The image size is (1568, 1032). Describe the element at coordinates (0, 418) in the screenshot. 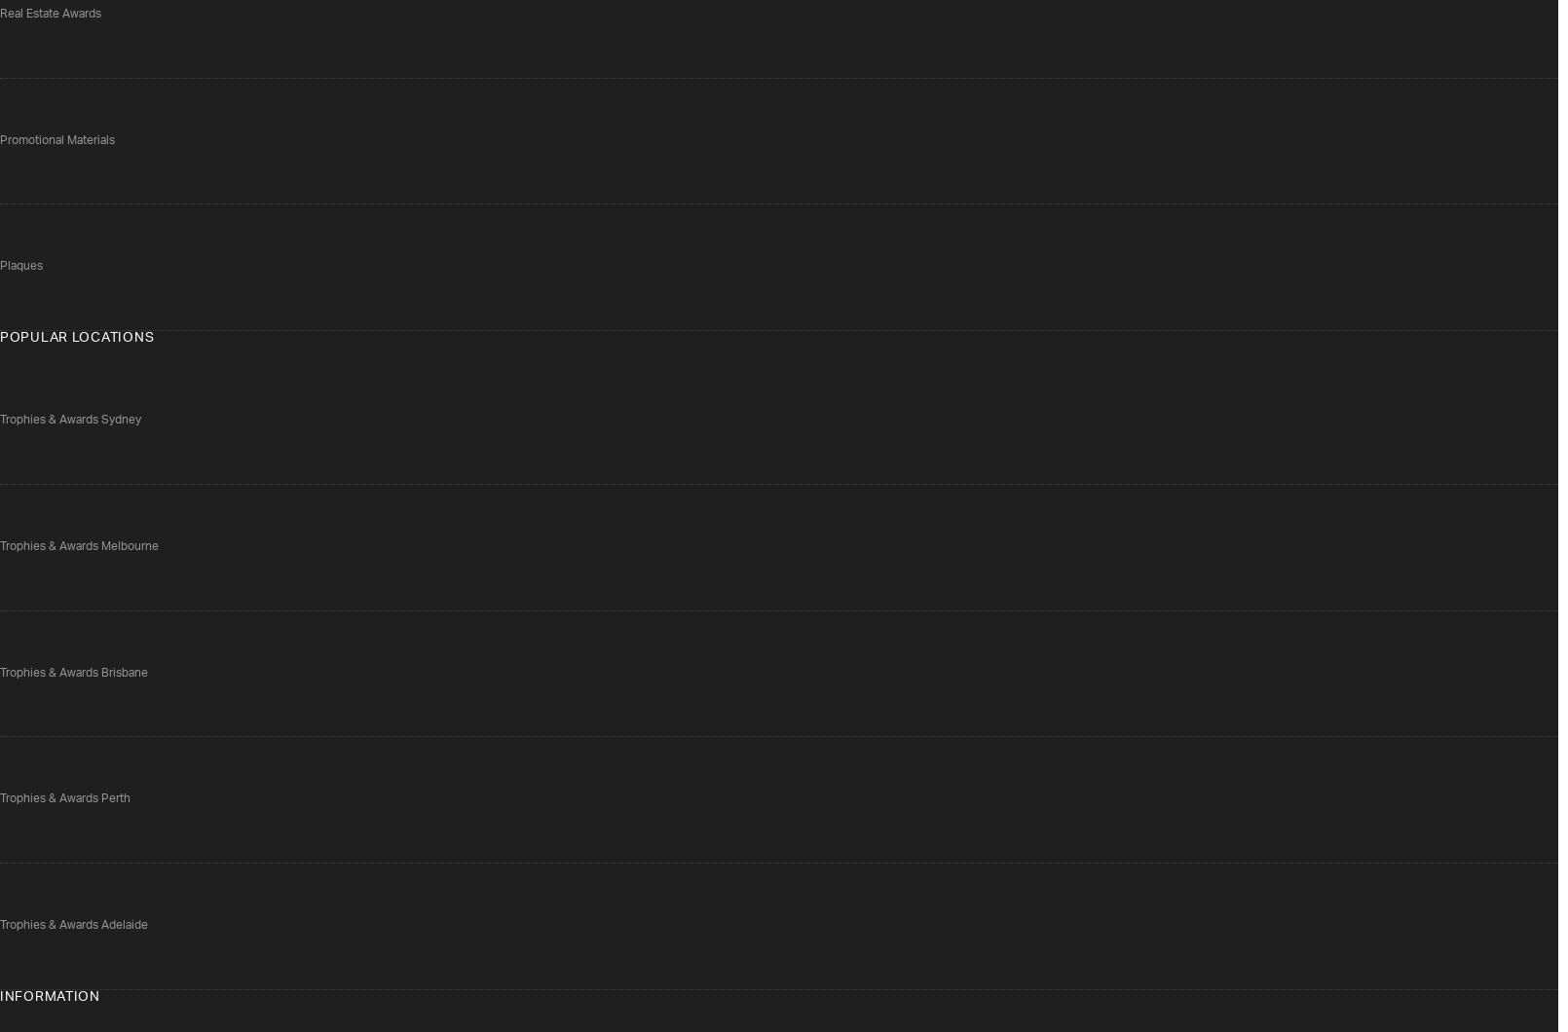

I see `'Trophies & Awards Sydney'` at that location.